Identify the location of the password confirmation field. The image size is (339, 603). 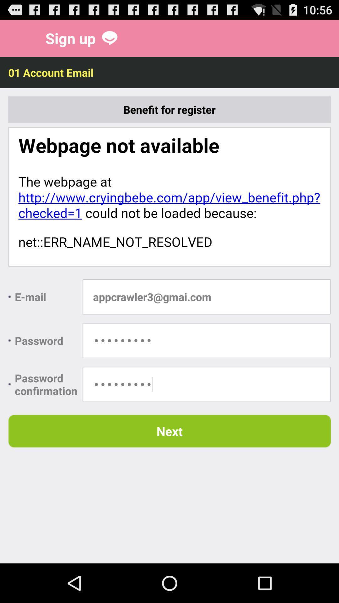
(207, 384).